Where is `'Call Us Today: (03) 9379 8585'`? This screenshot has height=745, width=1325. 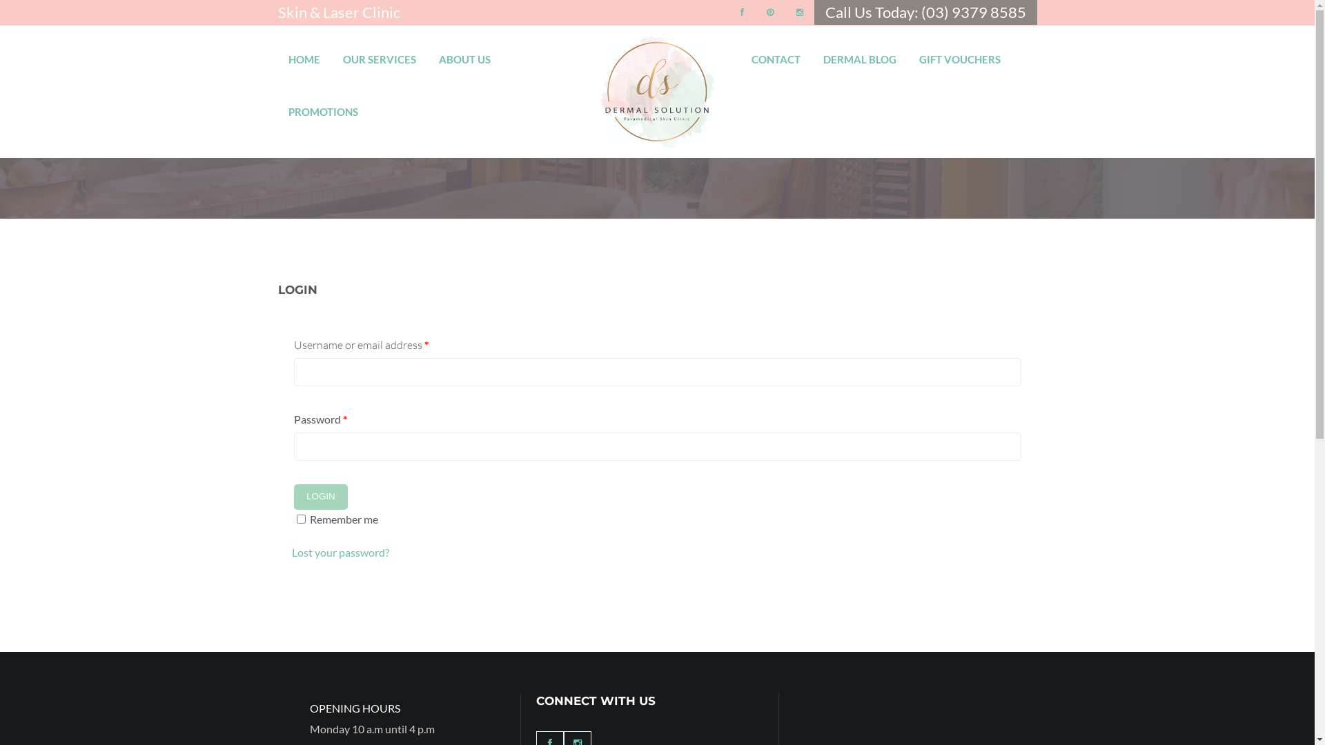
'Call Us Today: (03) 9379 8585' is located at coordinates (925, 12).